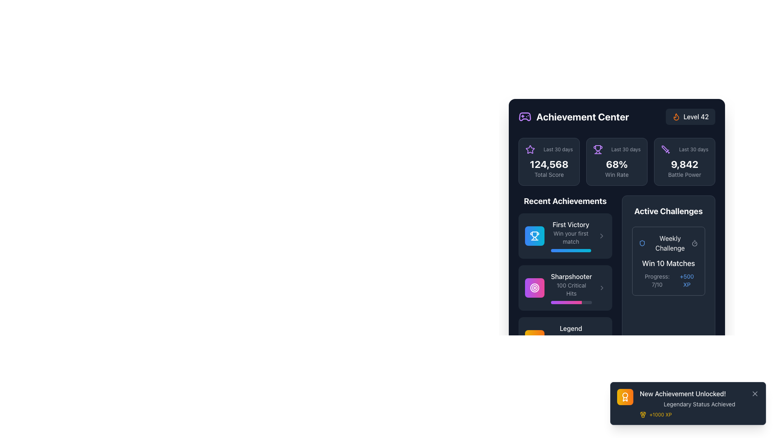 Image resolution: width=779 pixels, height=438 pixels. I want to click on the Progress Bar located at the bottom of the 'Legend' section under 'Recent Achievements', which features a dark background and a colored section transitioning from yellow to orange, so click(570, 354).